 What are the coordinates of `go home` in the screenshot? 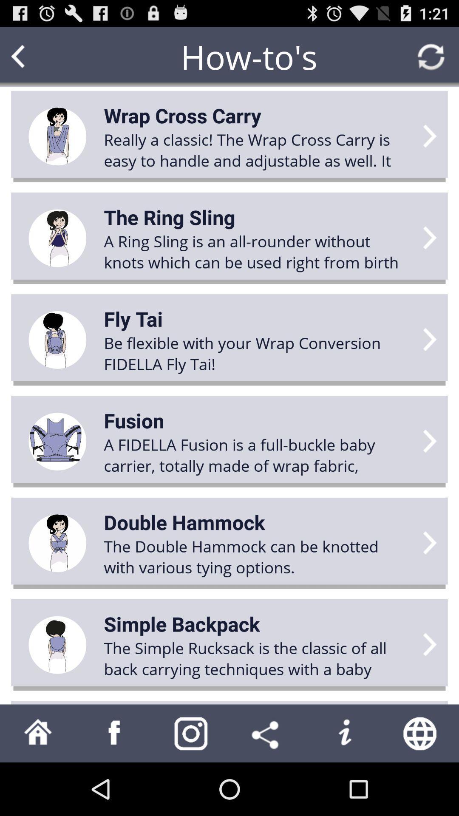 It's located at (37, 733).